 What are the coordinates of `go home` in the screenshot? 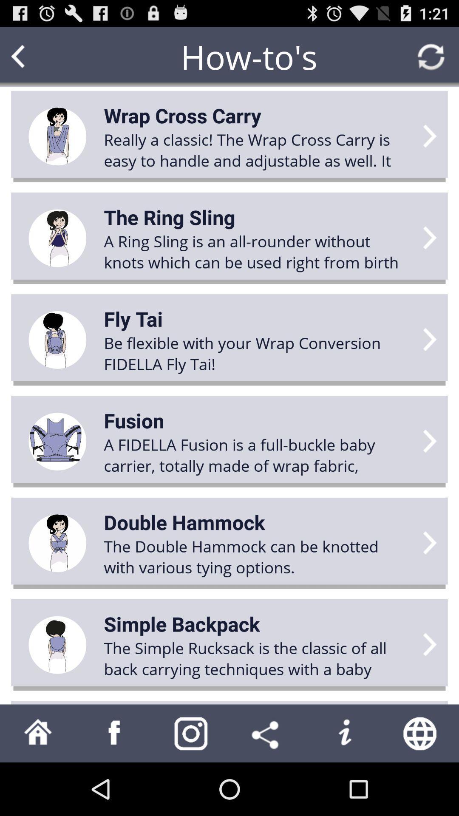 It's located at (37, 733).